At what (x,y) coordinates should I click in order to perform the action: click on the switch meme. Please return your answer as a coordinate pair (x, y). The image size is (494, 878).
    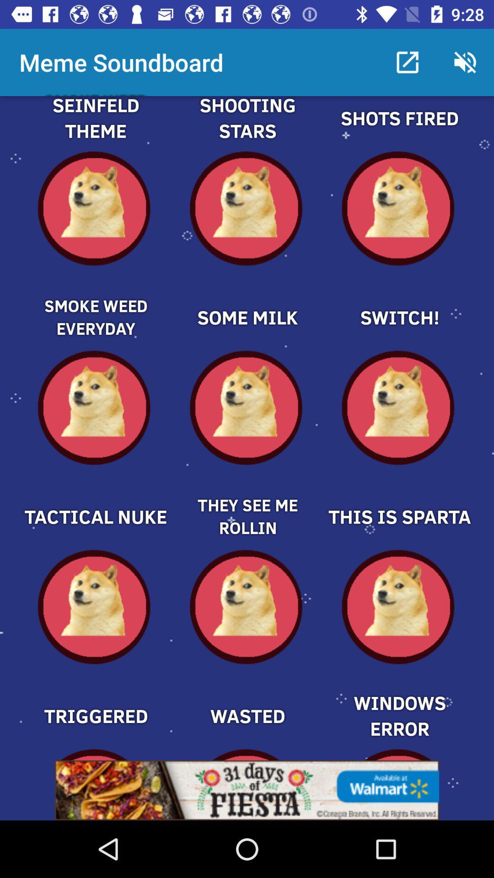
    Looking at the image, I should click on (398, 302).